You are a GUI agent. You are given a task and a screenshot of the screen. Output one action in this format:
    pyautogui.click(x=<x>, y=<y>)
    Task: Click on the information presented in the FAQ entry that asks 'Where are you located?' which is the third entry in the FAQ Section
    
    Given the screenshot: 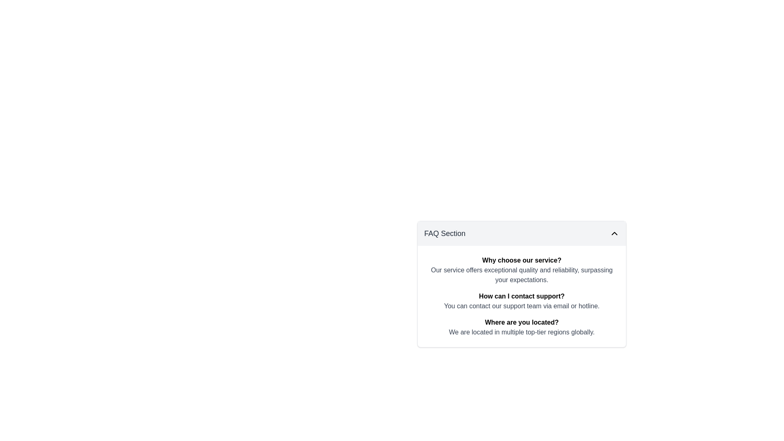 What is the action you would take?
    pyautogui.click(x=521, y=327)
    